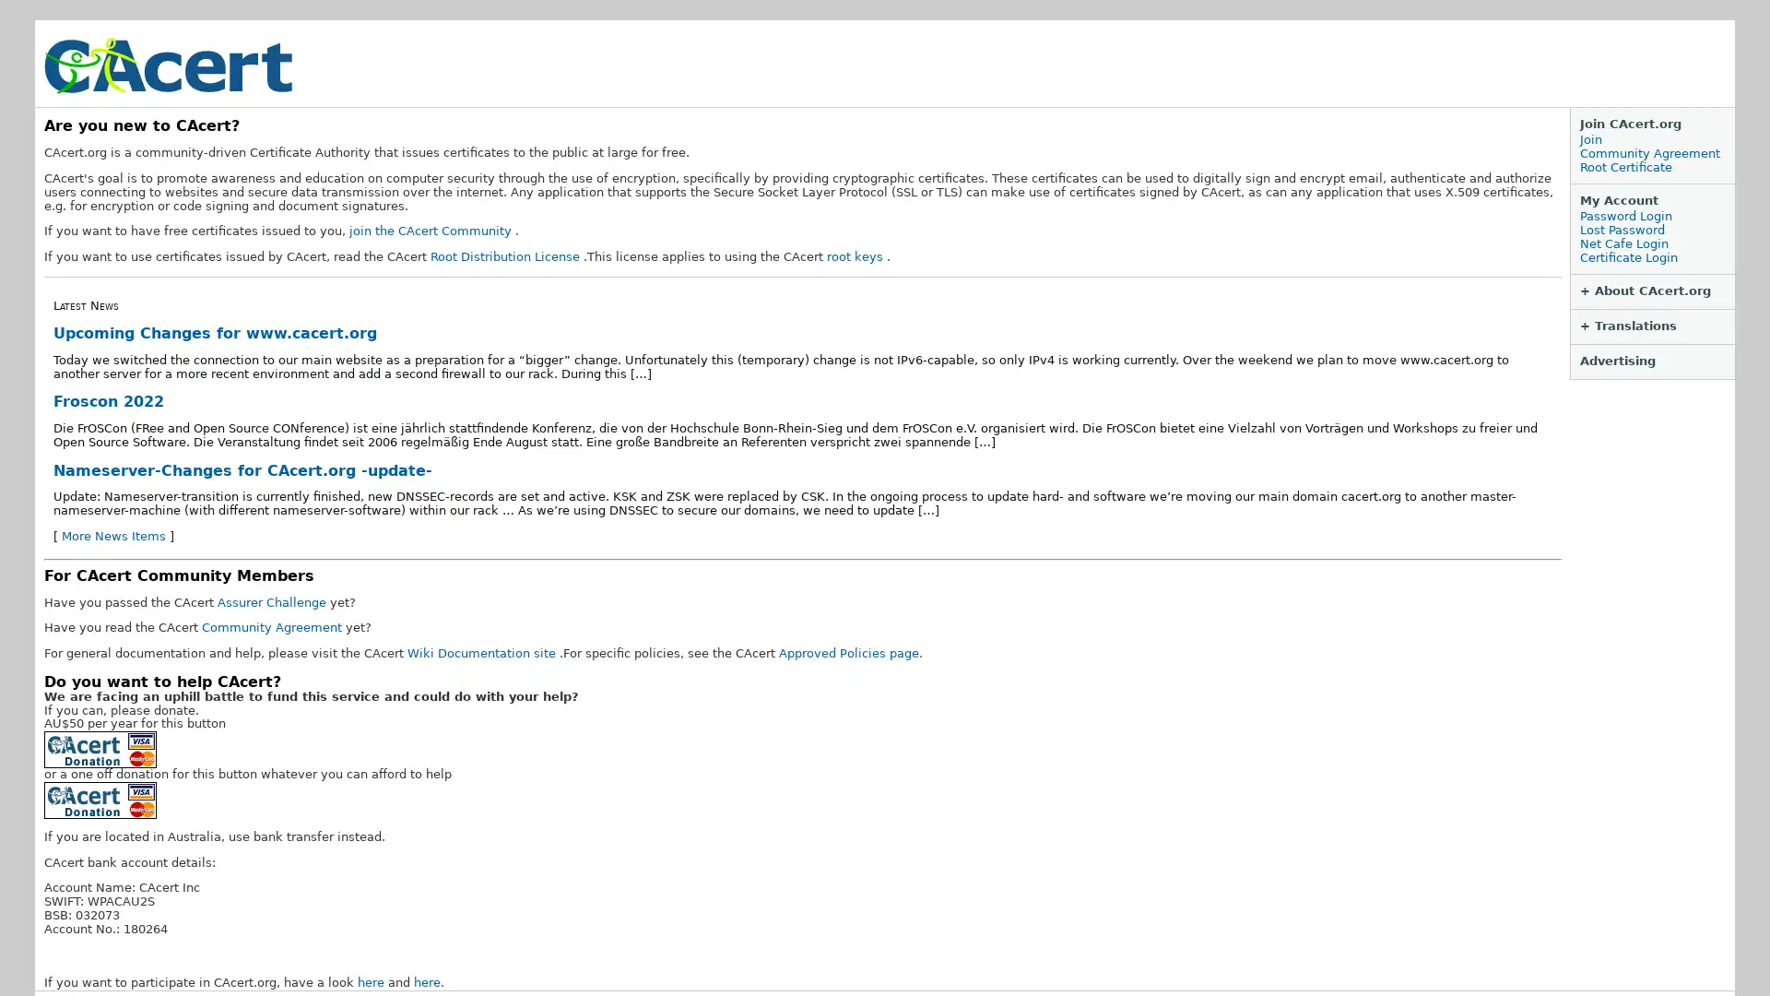  What do you see at coordinates (100, 750) in the screenshot?
I see `PayPal` at bounding box center [100, 750].